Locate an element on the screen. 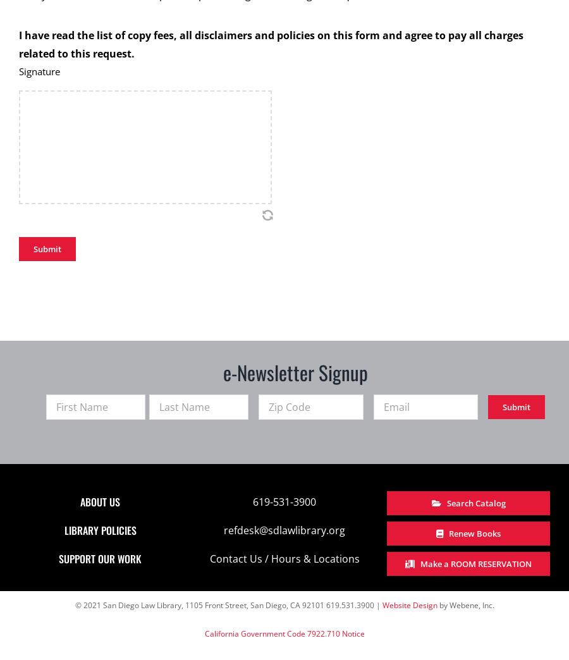 This screenshot has width=569, height=660. 'Make a ROOM RESERVATION' is located at coordinates (475, 563).